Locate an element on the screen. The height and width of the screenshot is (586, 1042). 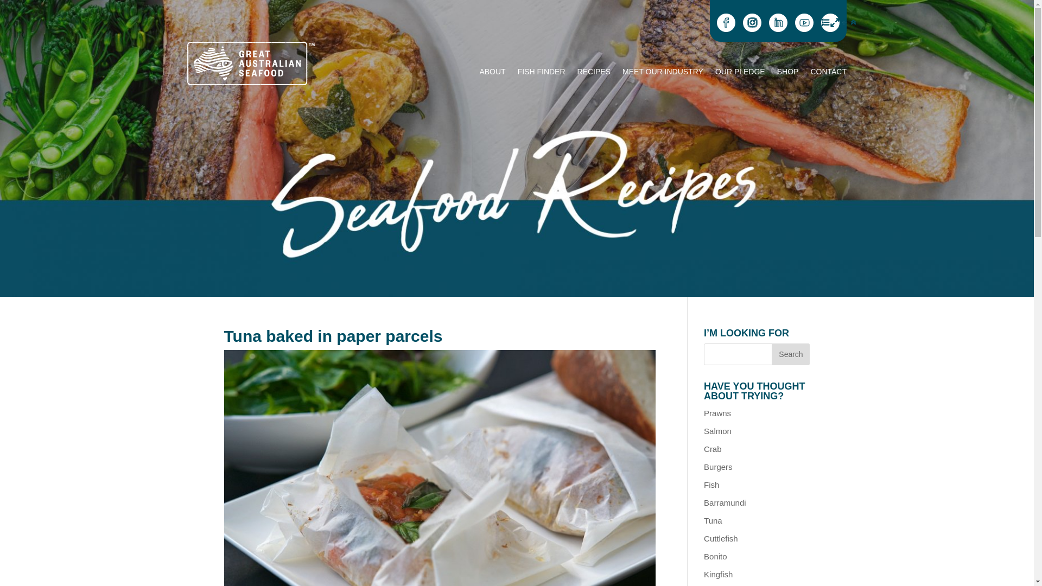
'Follow on LinkedIn' is located at coordinates (778, 23).